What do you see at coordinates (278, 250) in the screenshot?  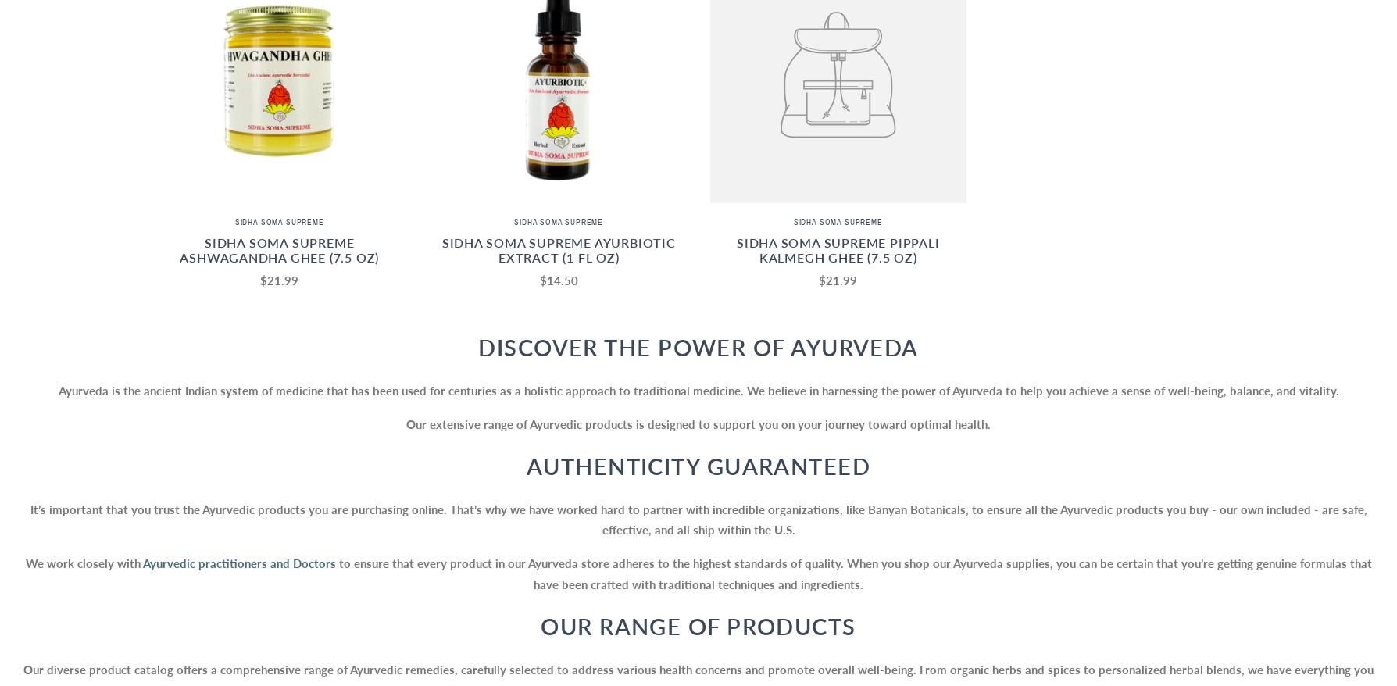 I see `'Sidha Soma Supreme Ashwagandha Ghee (7.5 oz)'` at bounding box center [278, 250].